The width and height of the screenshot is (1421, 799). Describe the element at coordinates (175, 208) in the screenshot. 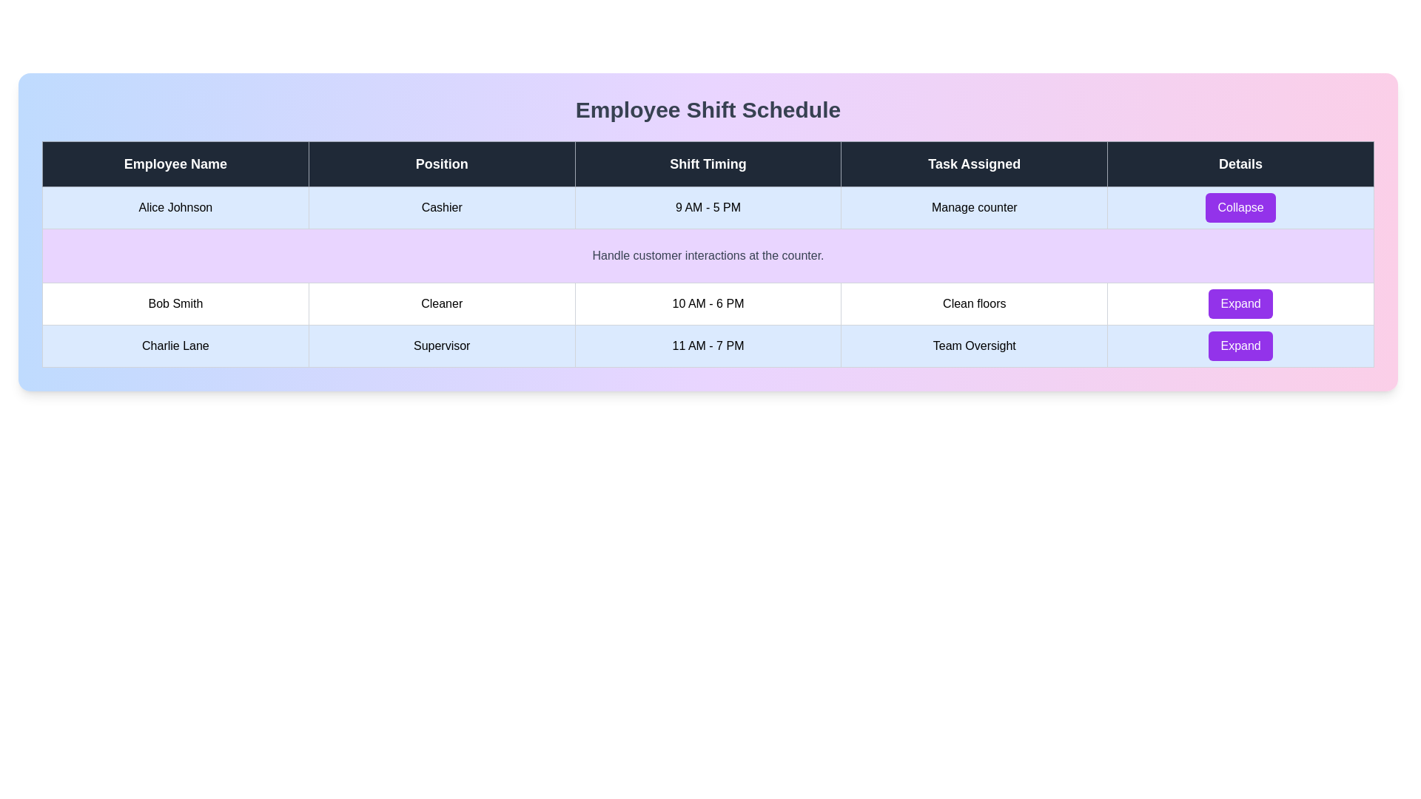

I see `the static text label displaying 'Alice Johnson' with a light blue background and gray border, located in the first row of the employee name column in a table` at that location.